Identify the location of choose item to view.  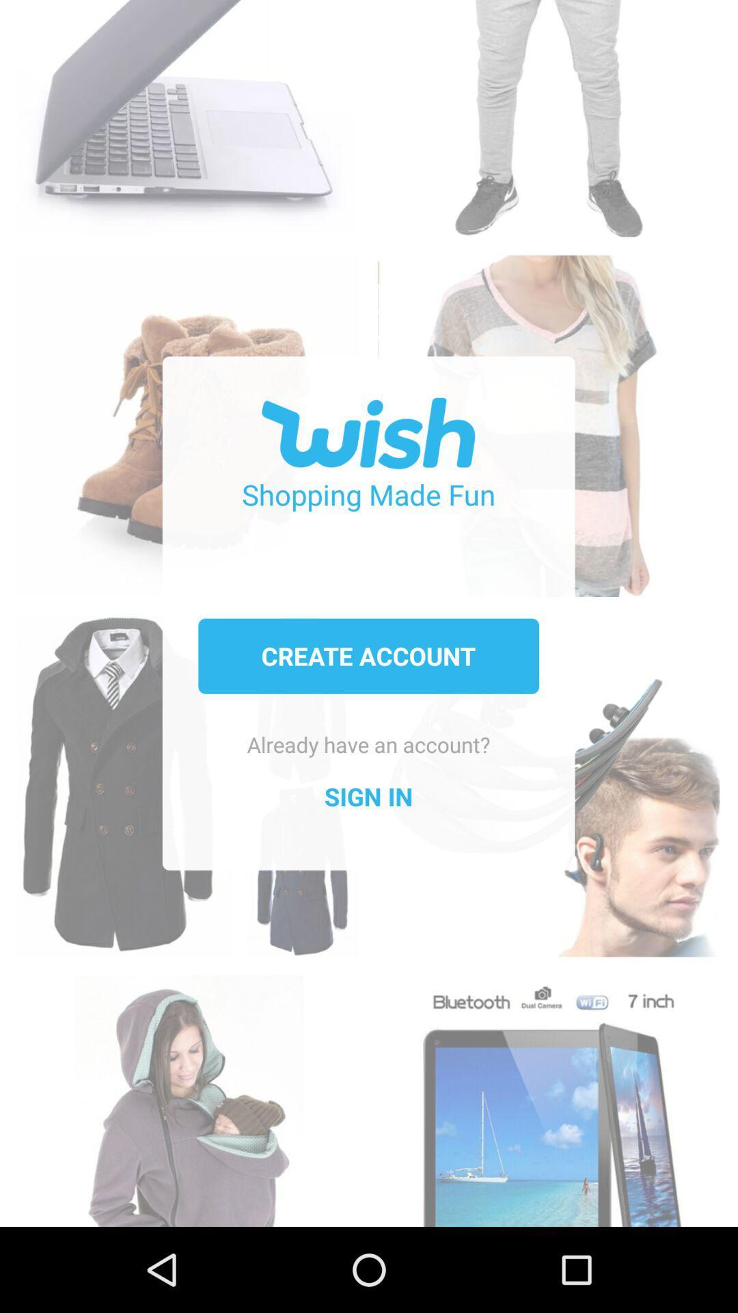
(547, 1093).